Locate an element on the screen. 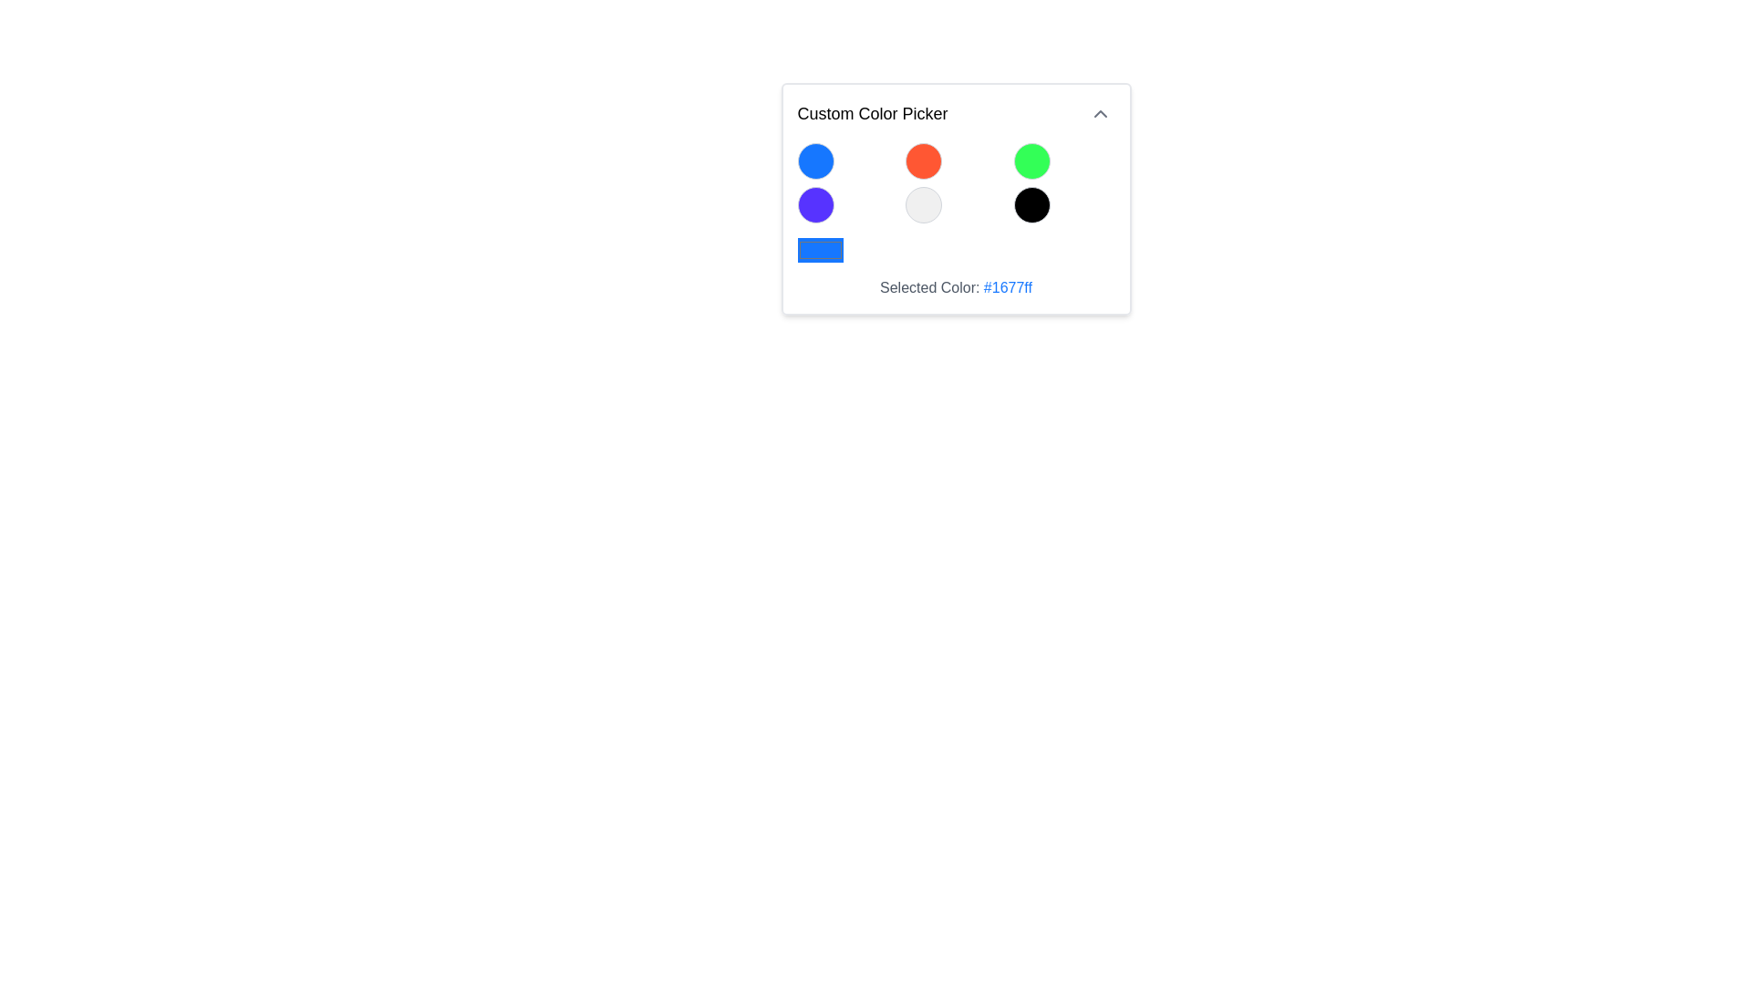 The height and width of the screenshot is (985, 1751). text value from the Text Label displaying the currently selected color code, which is located below the 'Selected Color:' descriptive text is located at coordinates (1007, 287).